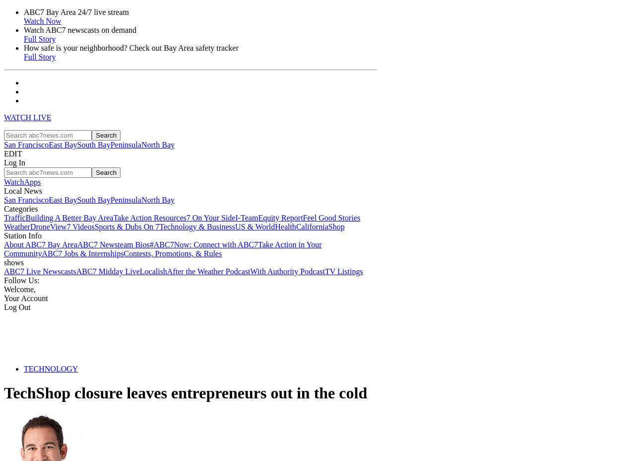  Describe the element at coordinates (3, 289) in the screenshot. I see `'Welcome,'` at that location.